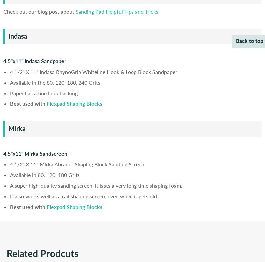 The width and height of the screenshot is (265, 262). What do you see at coordinates (3, 60) in the screenshot?
I see `'4.5"x11" Indasa Sandpaper'` at bounding box center [3, 60].